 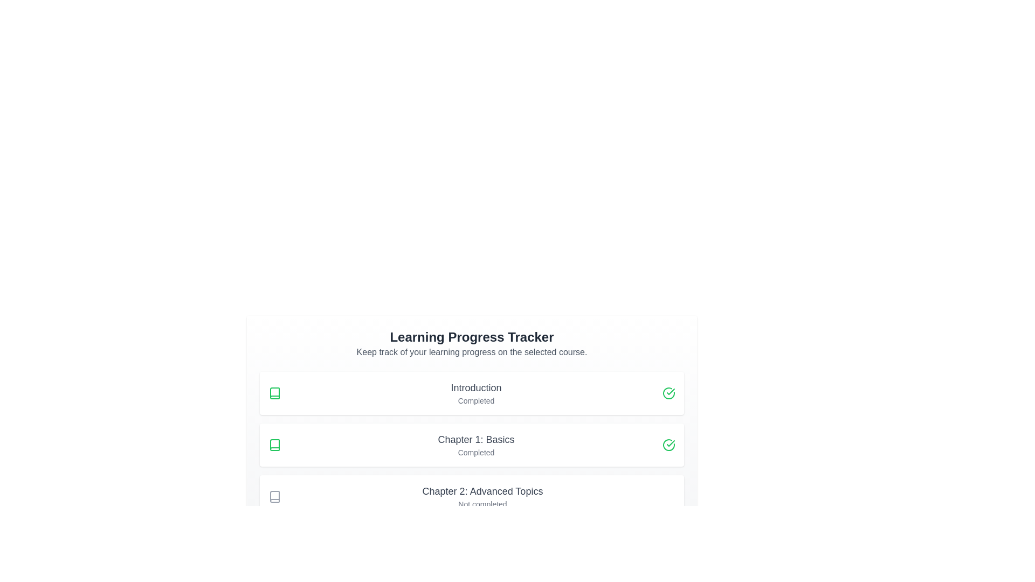 I want to click on the book icon representing the chapter, which is located in the third item of a vertical list, to interact with it if there are associated interactive elements nearby, so click(x=274, y=496).